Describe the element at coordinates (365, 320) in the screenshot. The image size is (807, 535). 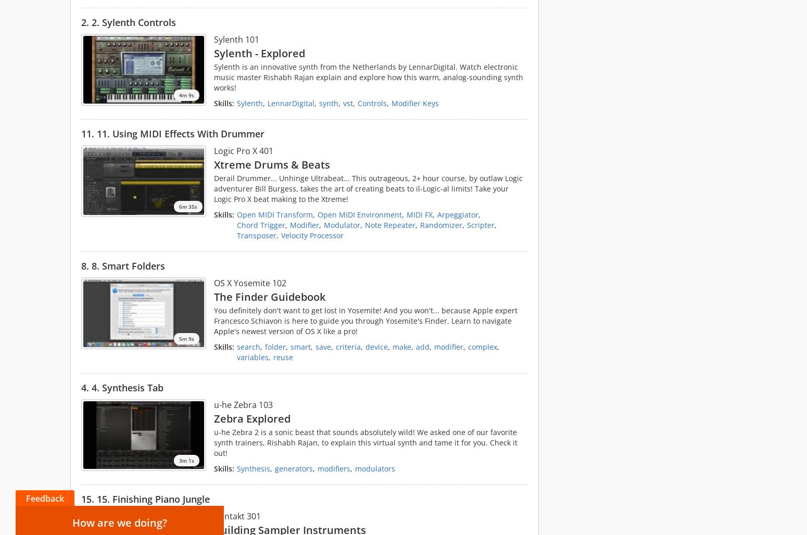
I see `'You definitely don't want to get lost in Yosemite! And you won't... because Apple expert Francesco Schiavon is here to guide you through Yosemite's Finder. Learn to navigate Apple's newest version of OS X like a pro!'` at that location.